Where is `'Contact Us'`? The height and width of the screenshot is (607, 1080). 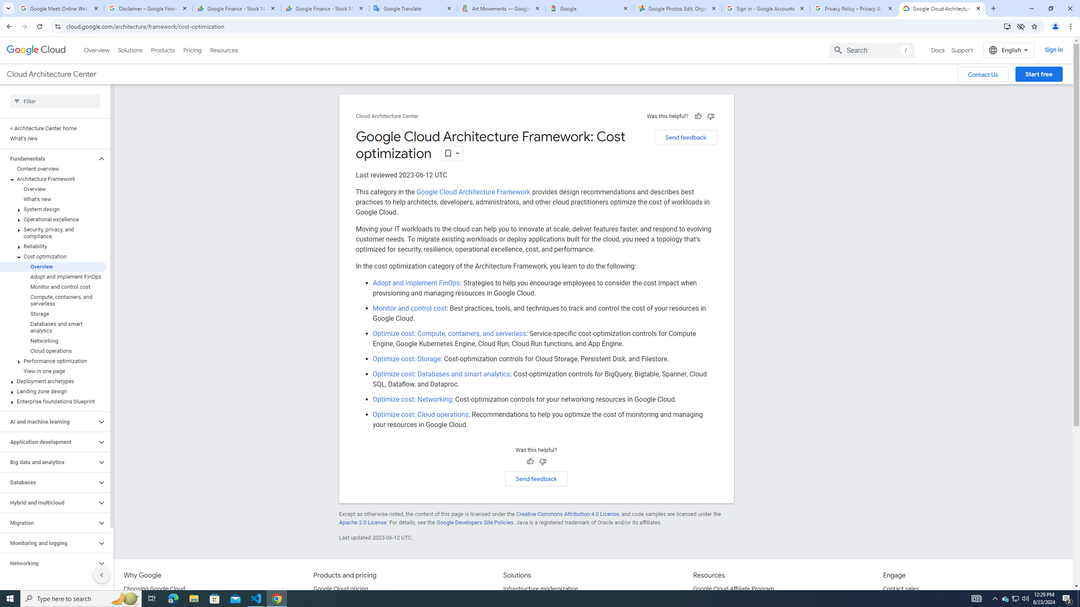
'Contact Us' is located at coordinates (982, 74).